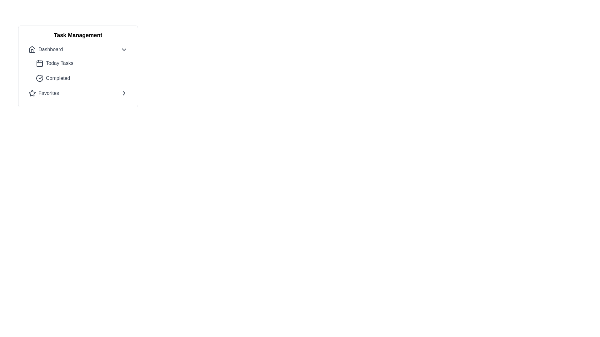  What do you see at coordinates (32, 93) in the screenshot?
I see `the star icon in the 'Task Management' navigation menu at the bottom-left to mark an item as favorite` at bounding box center [32, 93].